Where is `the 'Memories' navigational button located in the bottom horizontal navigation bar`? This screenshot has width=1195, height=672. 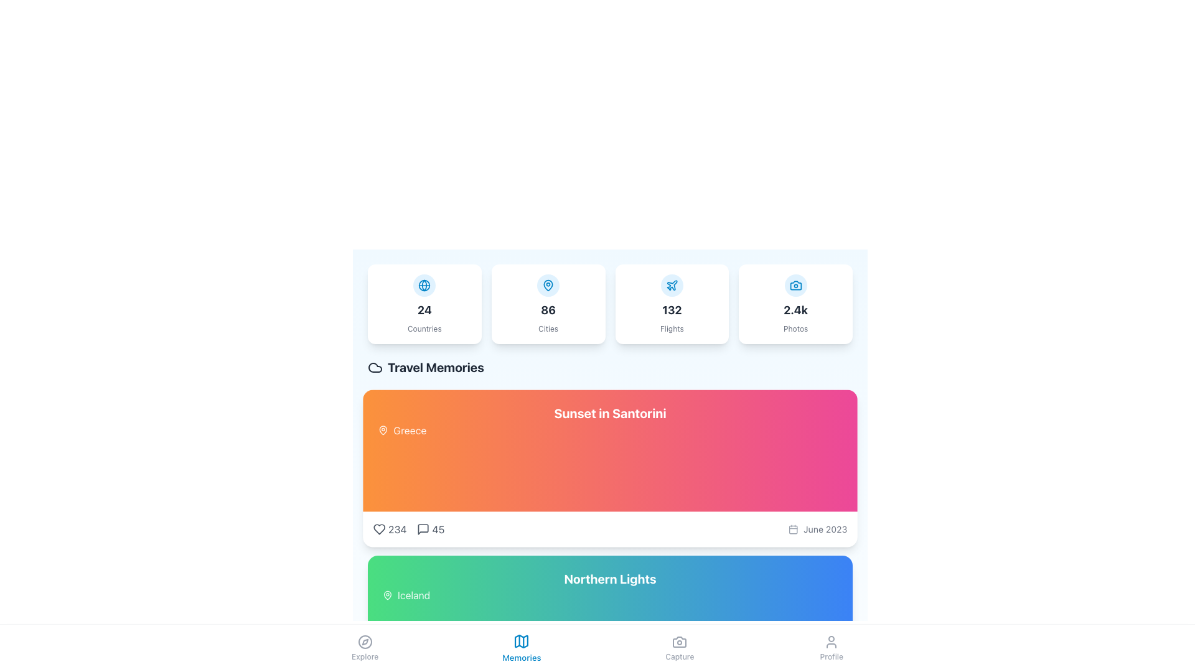
the 'Memories' navigational button located in the bottom horizontal navigation bar is located at coordinates (522, 647).